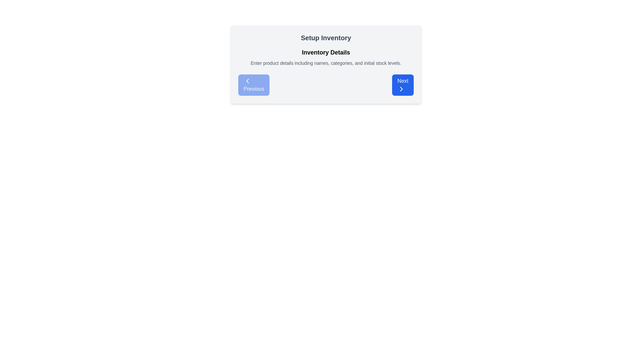  I want to click on the 'Previous' button icon located on the left side of the interface, so click(247, 80).